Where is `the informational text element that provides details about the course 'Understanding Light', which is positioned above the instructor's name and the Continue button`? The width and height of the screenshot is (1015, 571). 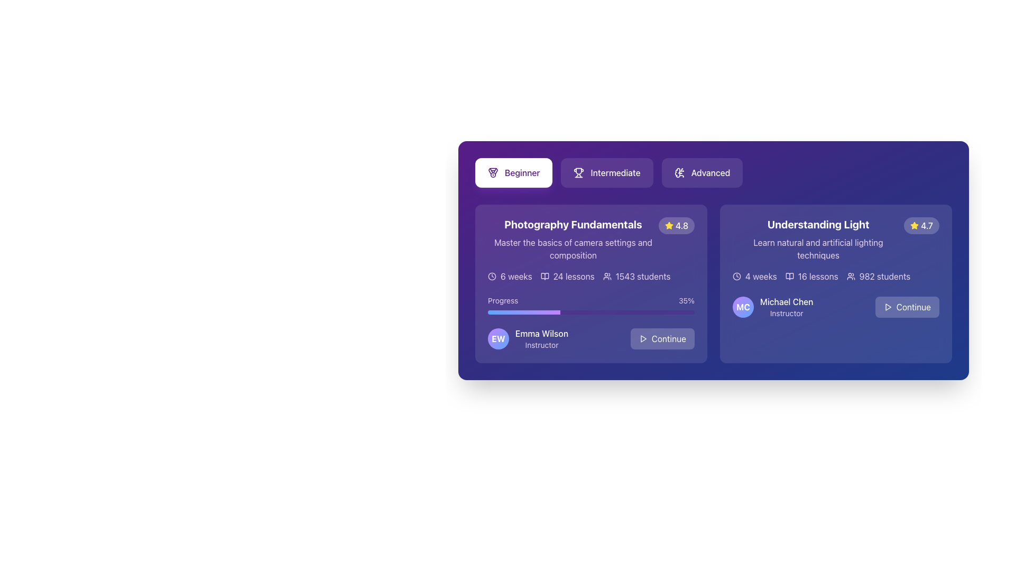 the informational text element that provides details about the course 'Understanding Light', which is positioned above the instructor's name and the Continue button is located at coordinates (835, 276).